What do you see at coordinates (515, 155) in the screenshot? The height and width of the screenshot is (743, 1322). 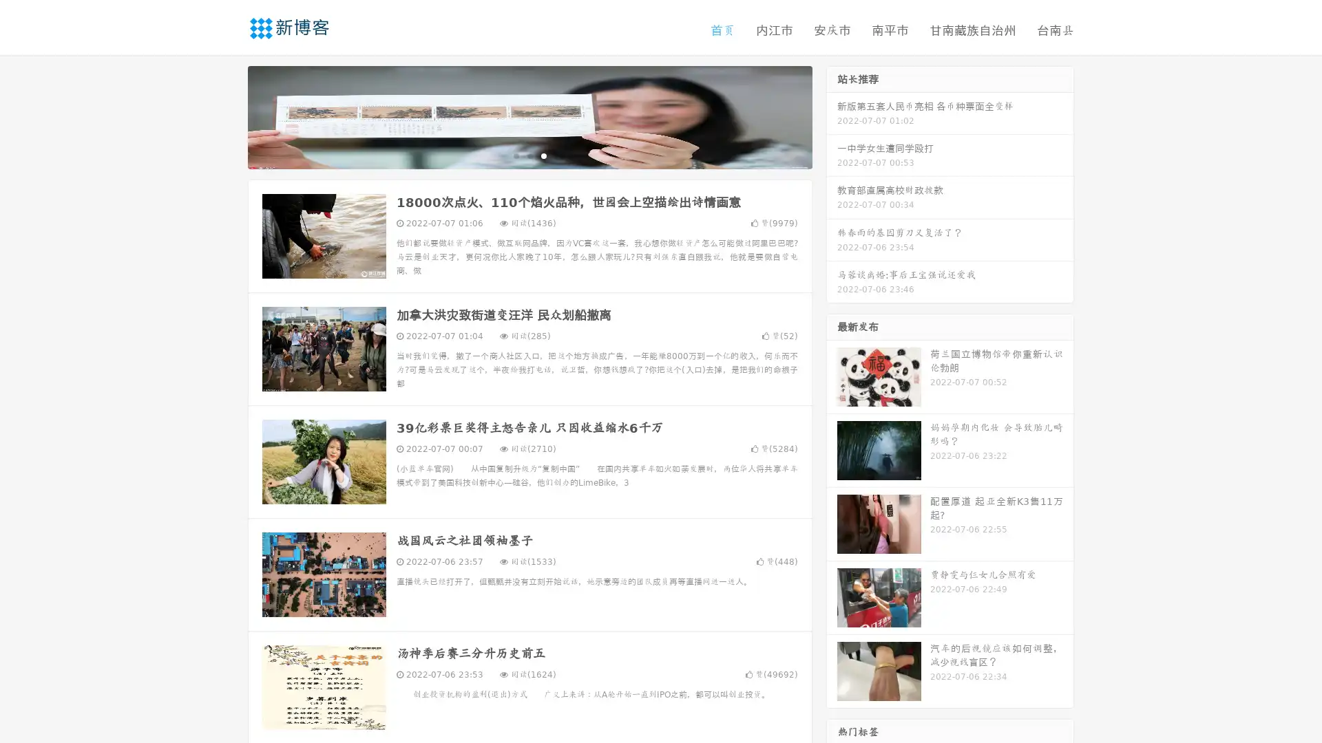 I see `Go to slide 1` at bounding box center [515, 155].